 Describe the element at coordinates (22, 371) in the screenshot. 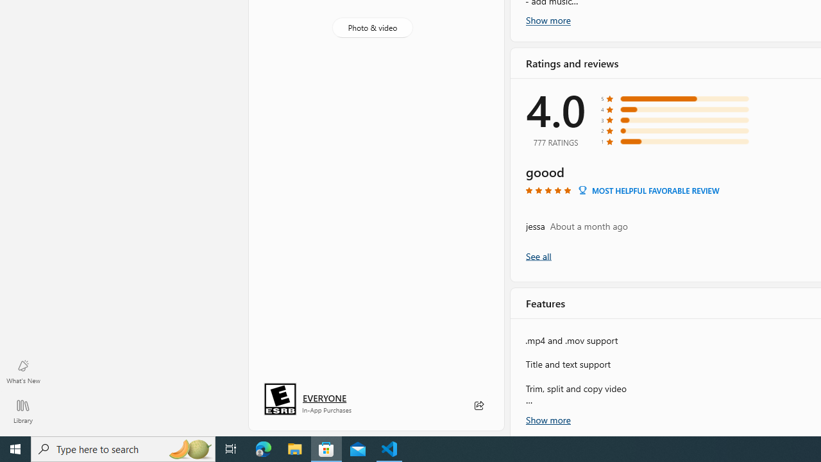

I see `'What'` at that location.